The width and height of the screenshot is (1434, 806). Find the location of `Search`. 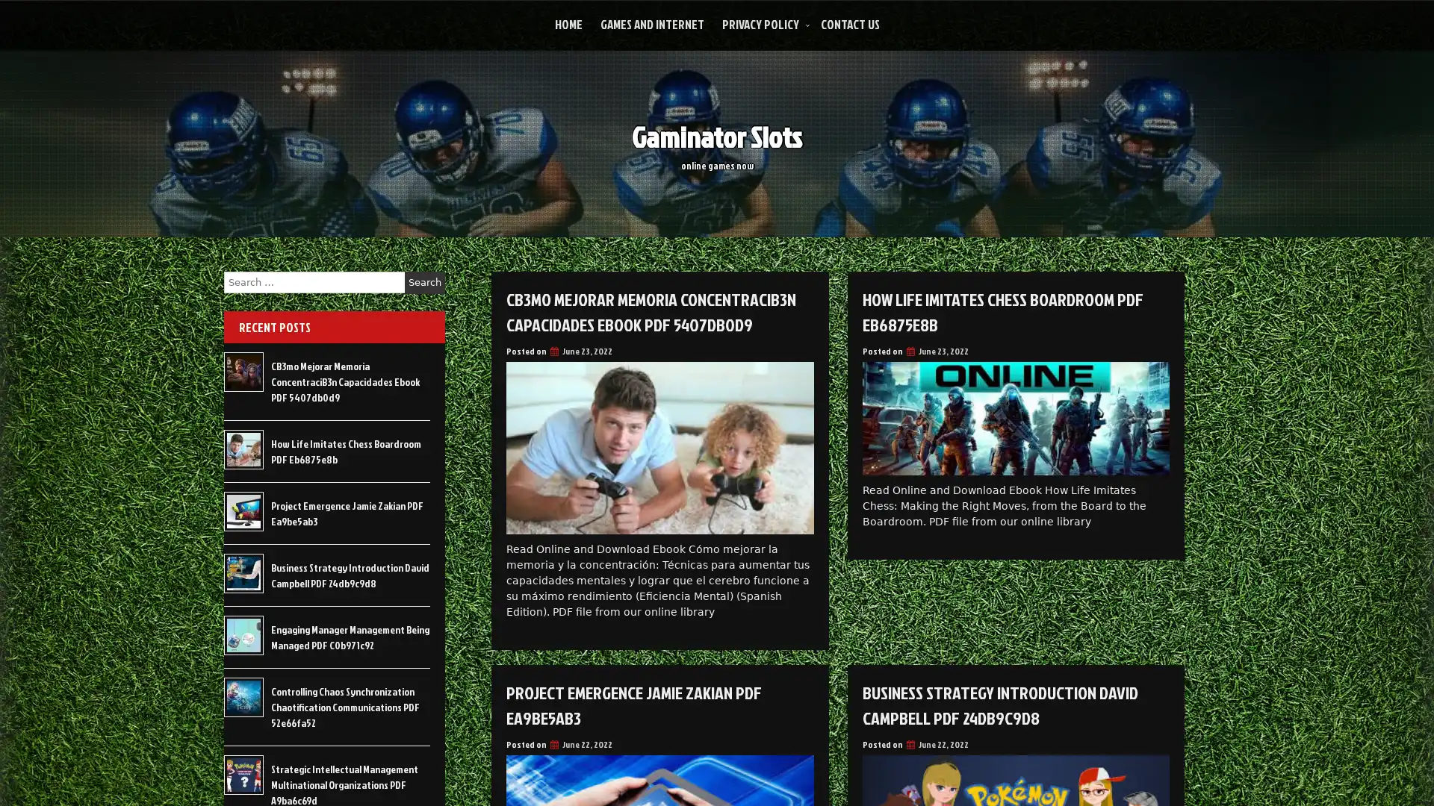

Search is located at coordinates (424, 282).